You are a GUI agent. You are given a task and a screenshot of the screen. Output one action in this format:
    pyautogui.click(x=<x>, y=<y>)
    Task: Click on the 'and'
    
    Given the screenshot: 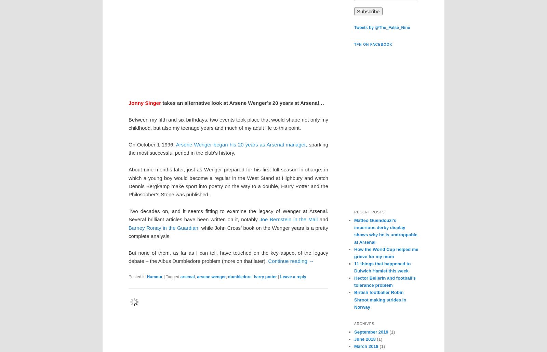 What is the action you would take?
    pyautogui.click(x=322, y=219)
    